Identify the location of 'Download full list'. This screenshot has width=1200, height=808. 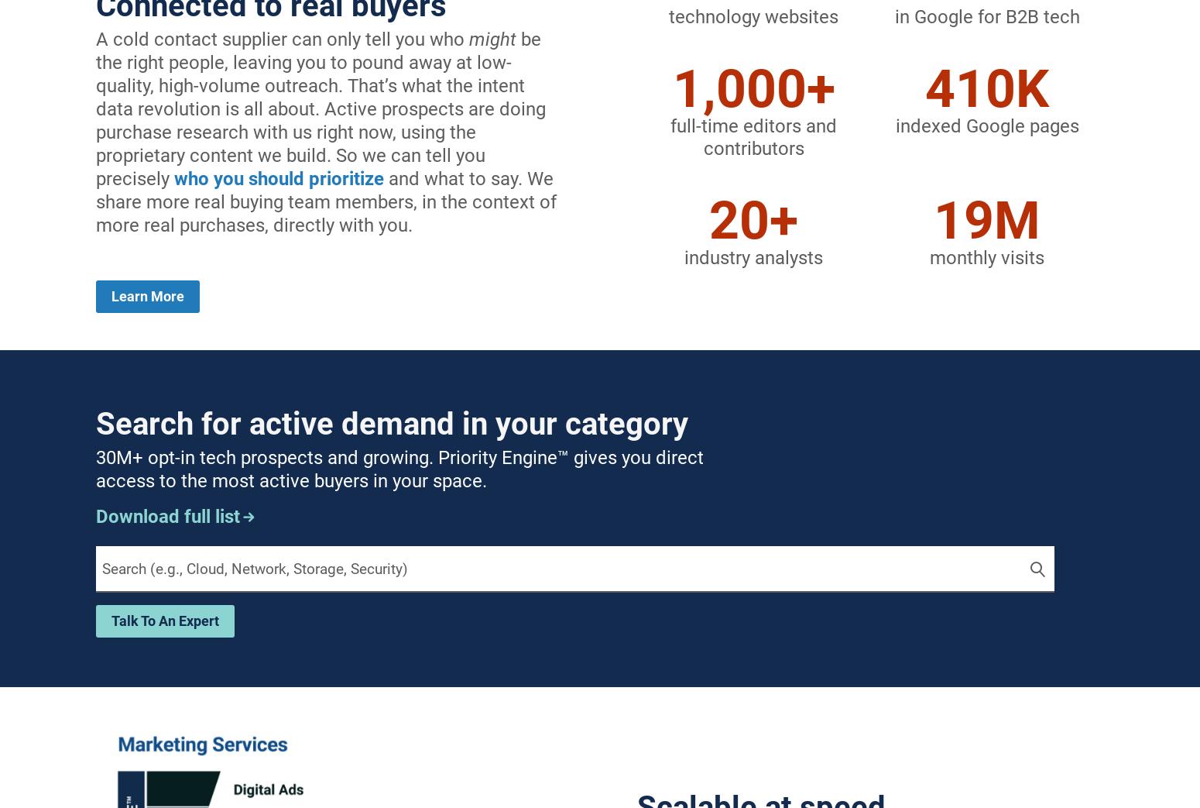
(167, 515).